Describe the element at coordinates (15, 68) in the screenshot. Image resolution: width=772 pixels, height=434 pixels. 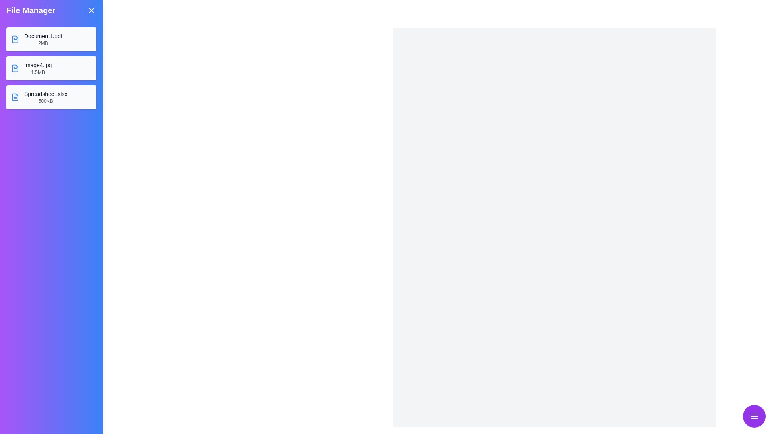
I see `the file icon representing 'Image4.jpg' located in the second row of the file list panel` at that location.